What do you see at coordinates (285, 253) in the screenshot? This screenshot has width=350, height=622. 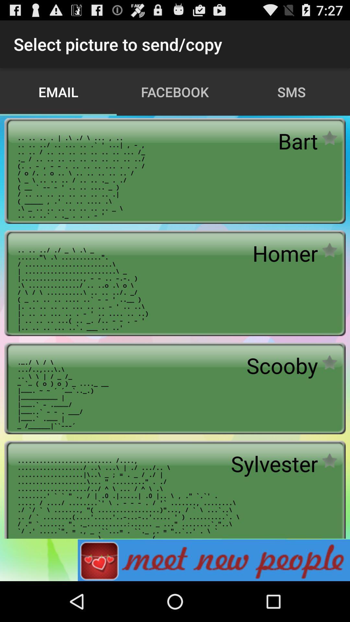 I see `the icon below the bart app` at bounding box center [285, 253].